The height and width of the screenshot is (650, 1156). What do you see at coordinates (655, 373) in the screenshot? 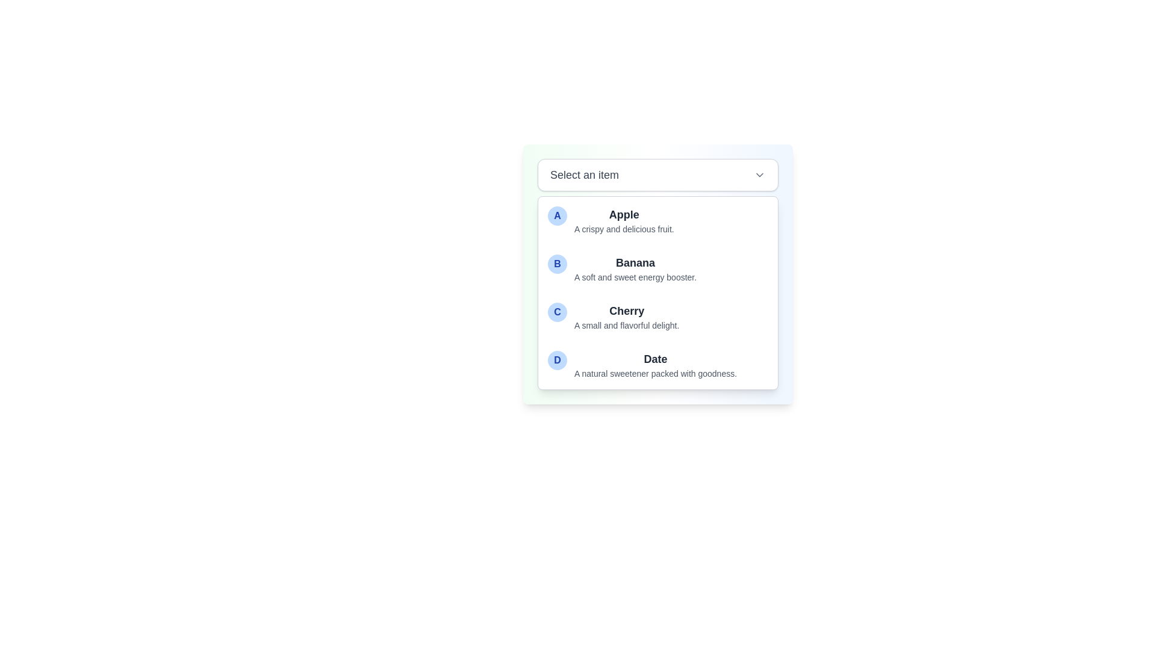
I see `information provided in the Text label located below the 'D Date' option in the dropdown menu` at bounding box center [655, 373].